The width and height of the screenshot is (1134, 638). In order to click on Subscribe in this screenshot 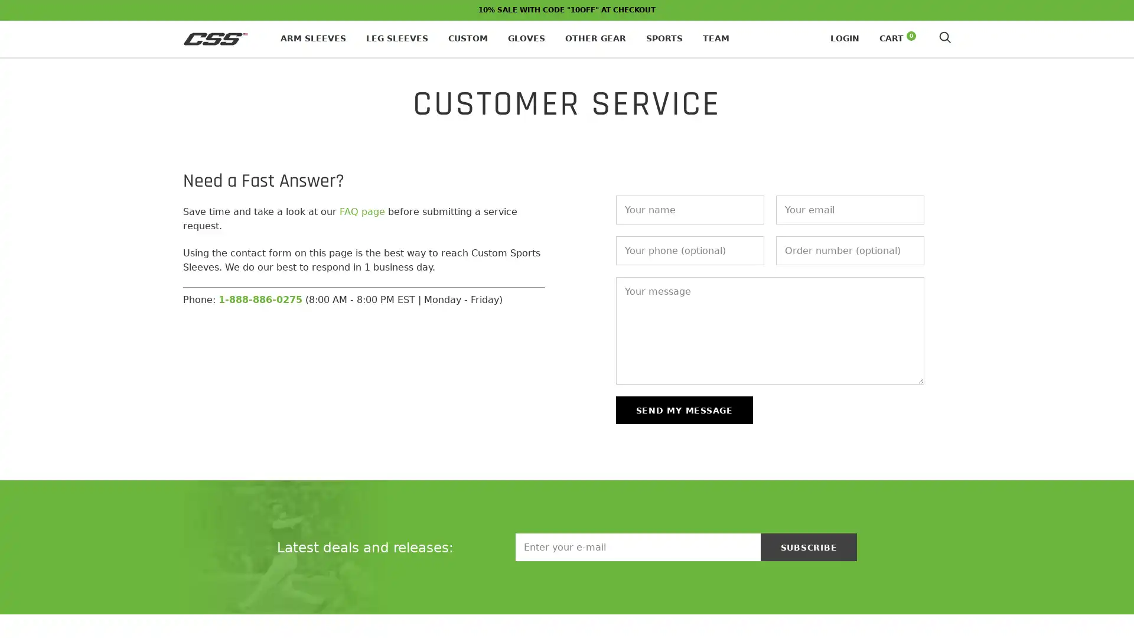, I will do `click(807, 547)`.